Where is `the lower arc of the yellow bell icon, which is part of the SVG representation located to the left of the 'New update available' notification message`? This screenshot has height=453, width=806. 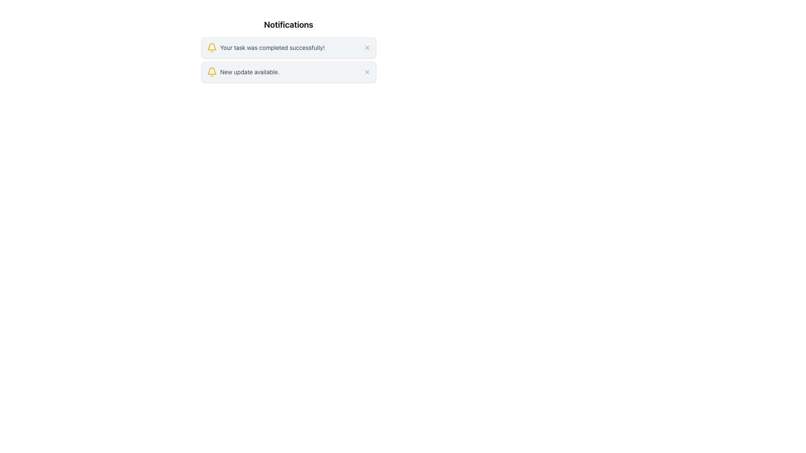
the lower arc of the yellow bell icon, which is part of the SVG representation located to the left of the 'New update available' notification message is located at coordinates (212, 47).